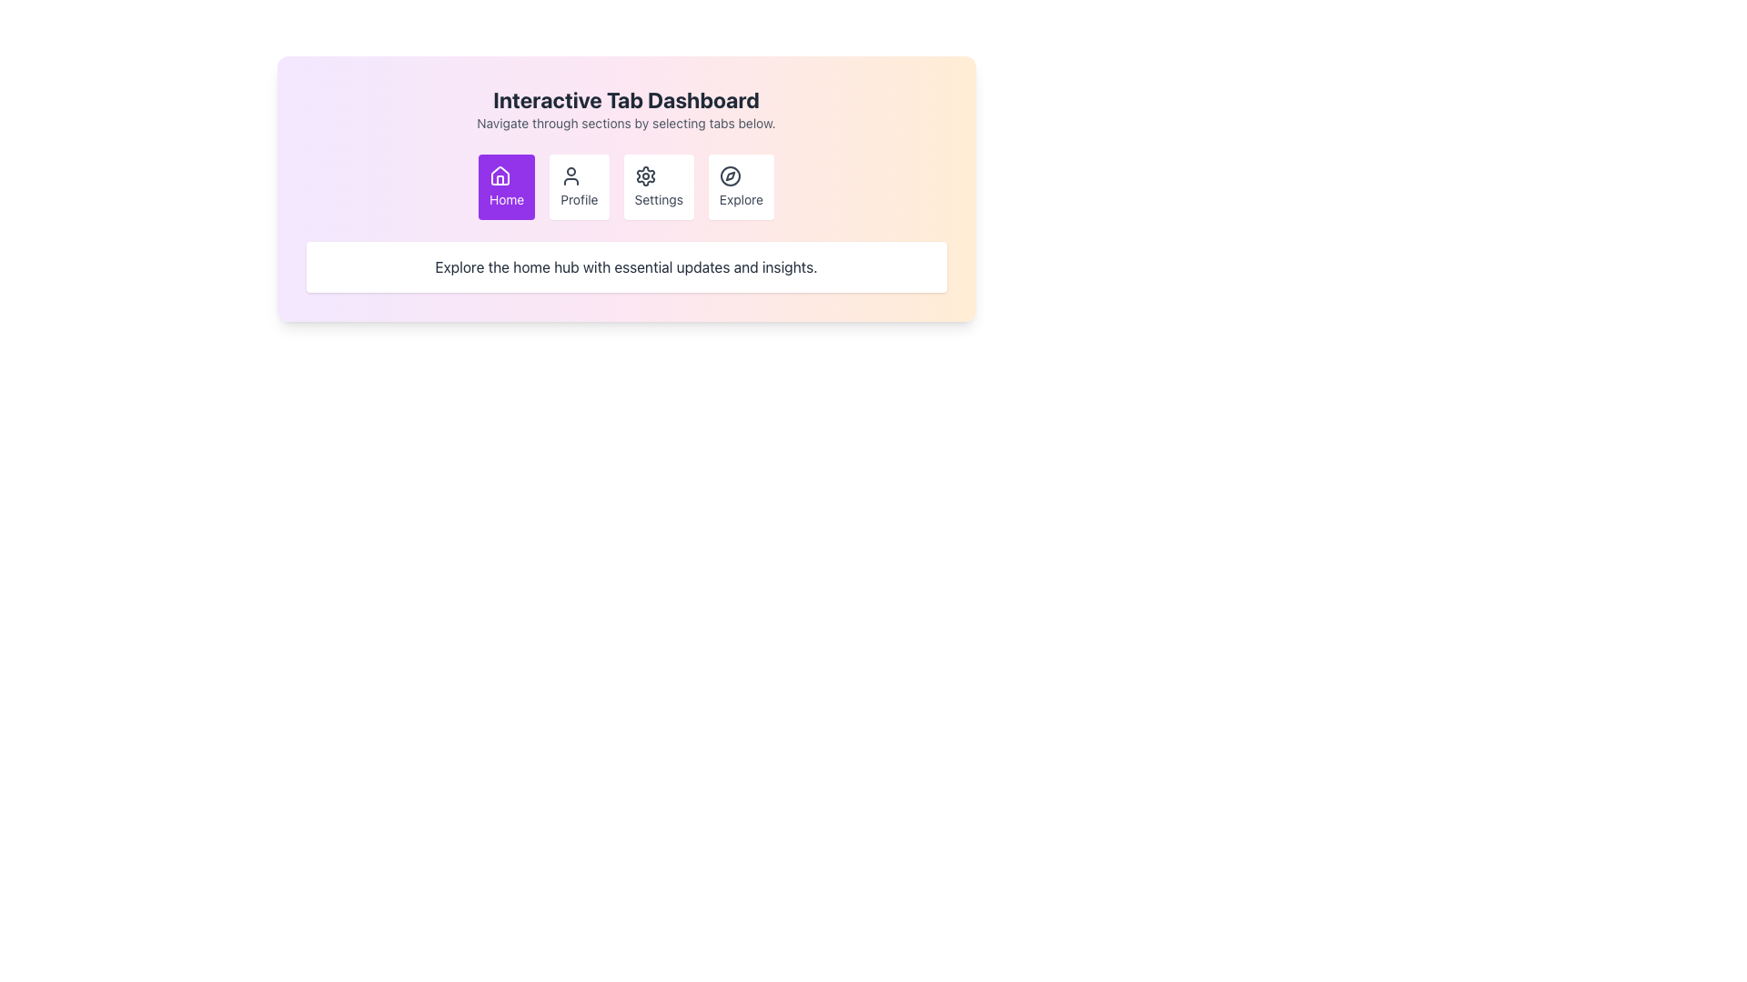  What do you see at coordinates (500, 180) in the screenshot?
I see `the 'Home' icon, which is a house-shaped graphical component located in the first button element labeled 'Home' in the navigation buttons` at bounding box center [500, 180].